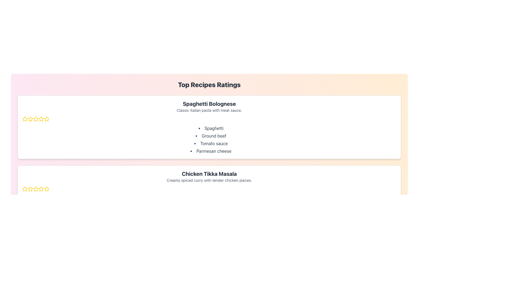  I want to click on the third star icon in the horizontal row of rating stars located beneath the title 'Chicken Tikka Masala' in the second recipe card, so click(30, 189).